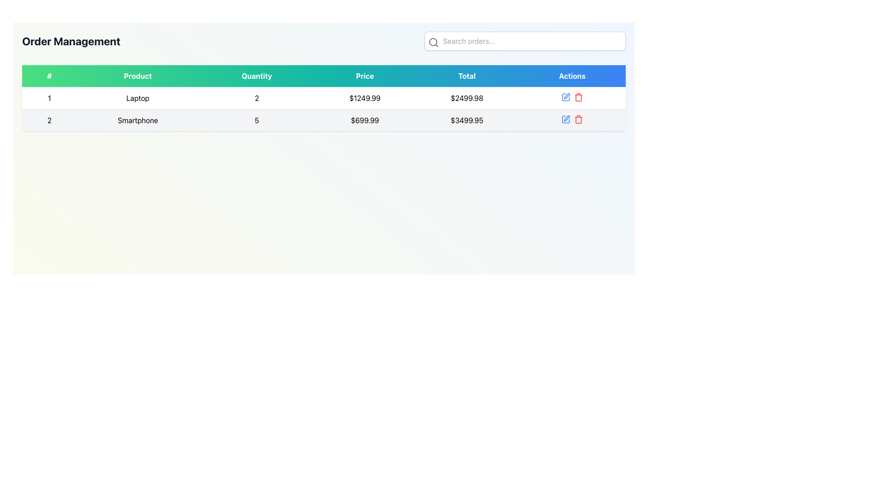  Describe the element at coordinates (256, 120) in the screenshot. I see `text indicating the quantity of items ordered, which shows '5' in the structured table layout, located in the third column of the second row after the 'Smartphone' text` at that location.